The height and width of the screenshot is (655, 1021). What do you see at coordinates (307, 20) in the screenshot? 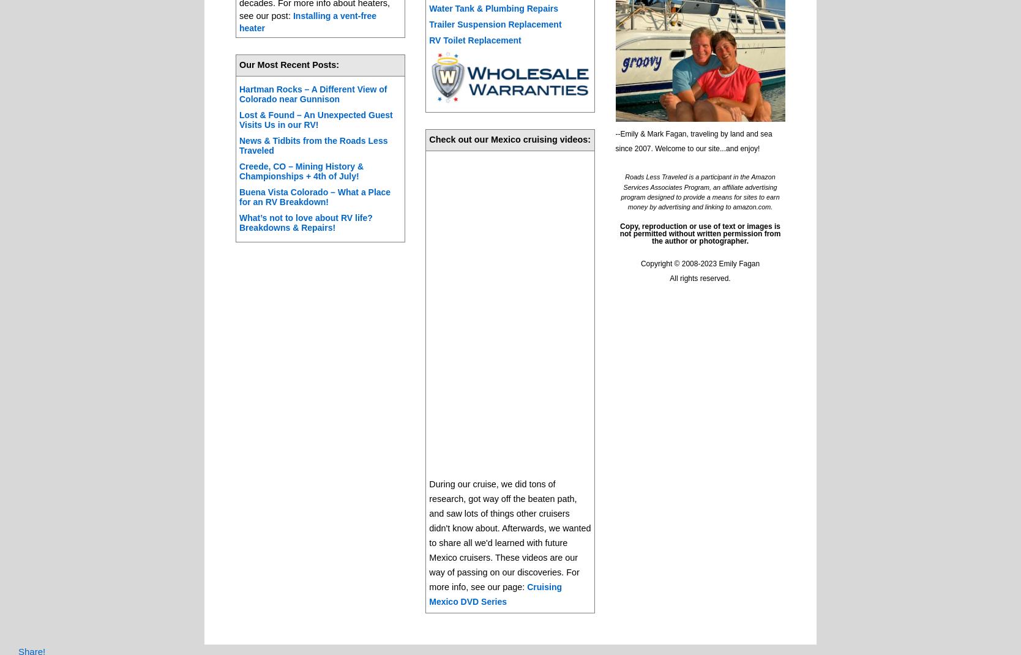
I see `'Installing a vent-free heater'` at bounding box center [307, 20].